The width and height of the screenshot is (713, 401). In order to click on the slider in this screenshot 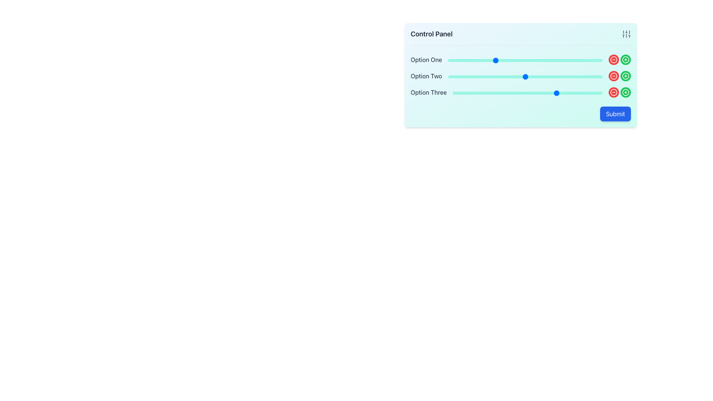, I will do `click(593, 60)`.